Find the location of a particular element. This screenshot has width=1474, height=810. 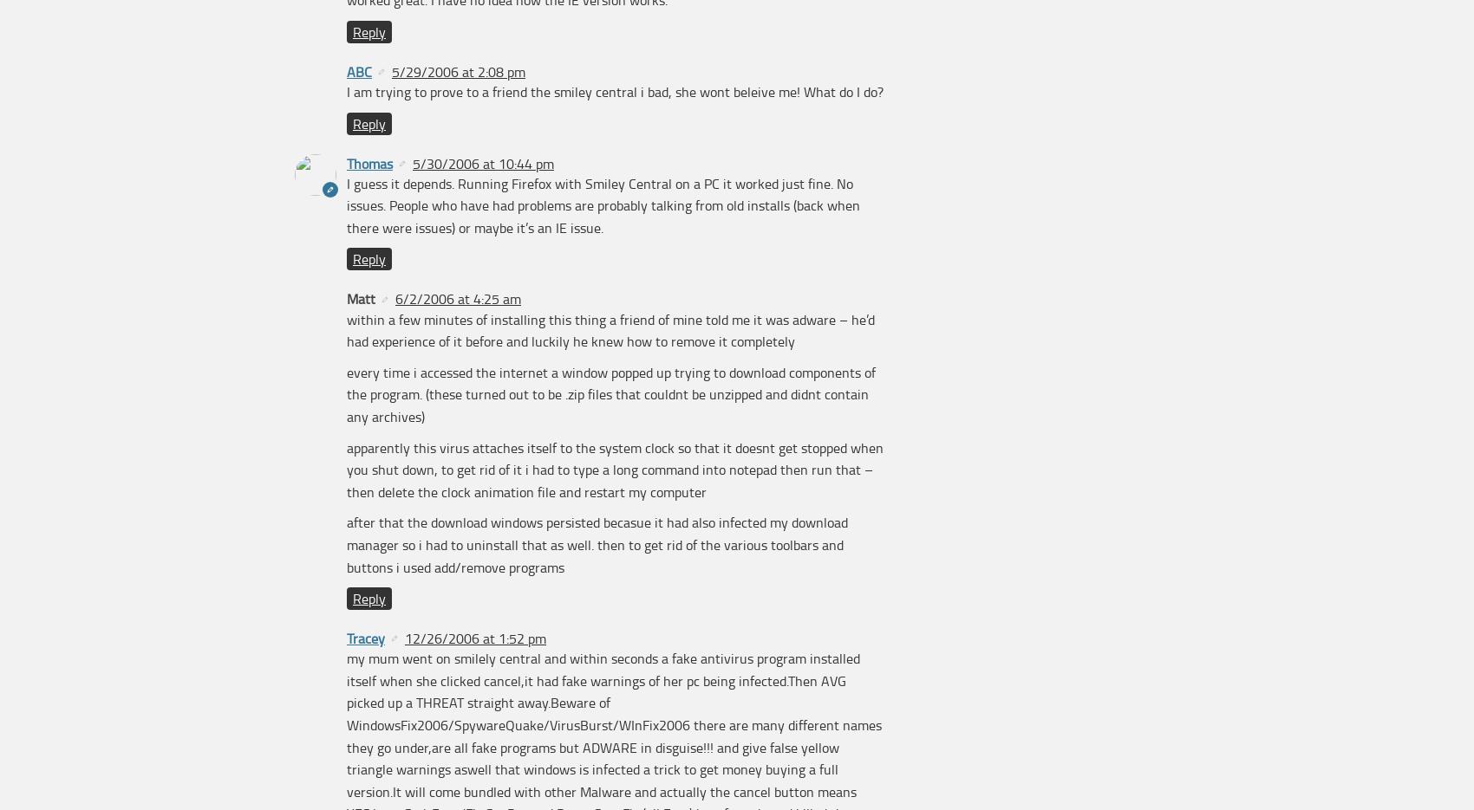

'Matt' is located at coordinates (360, 298).